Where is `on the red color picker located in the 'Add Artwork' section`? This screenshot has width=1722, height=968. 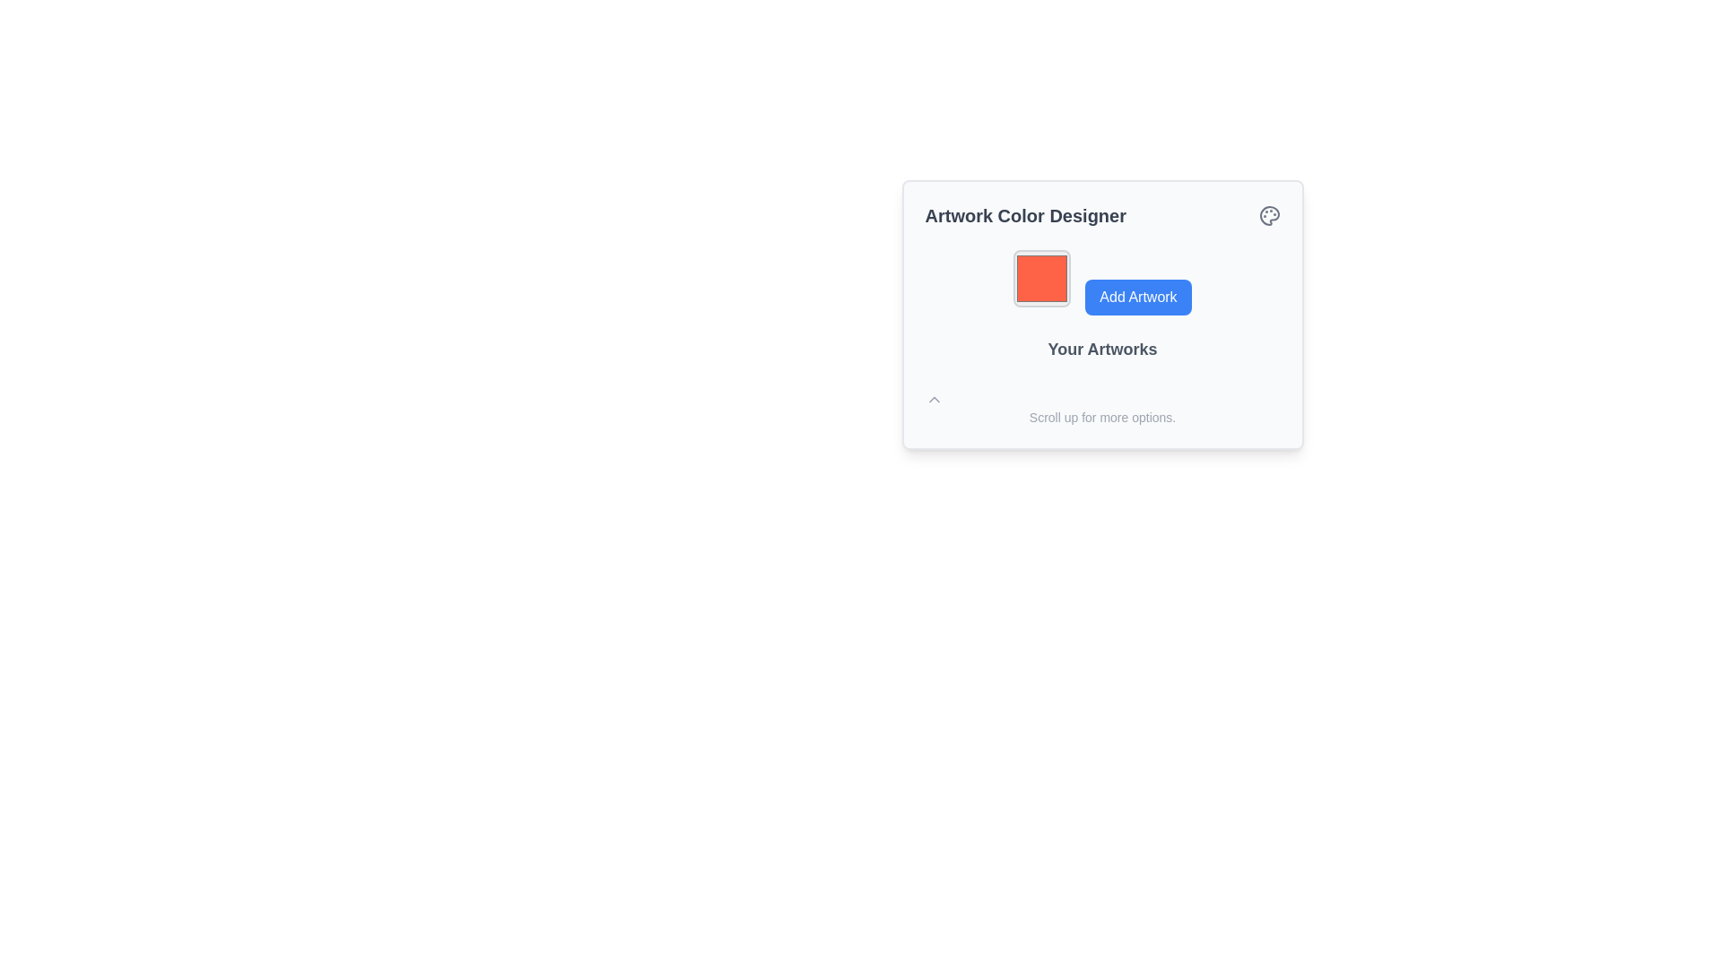
on the red color picker located in the 'Add Artwork' section is located at coordinates (1042, 279).